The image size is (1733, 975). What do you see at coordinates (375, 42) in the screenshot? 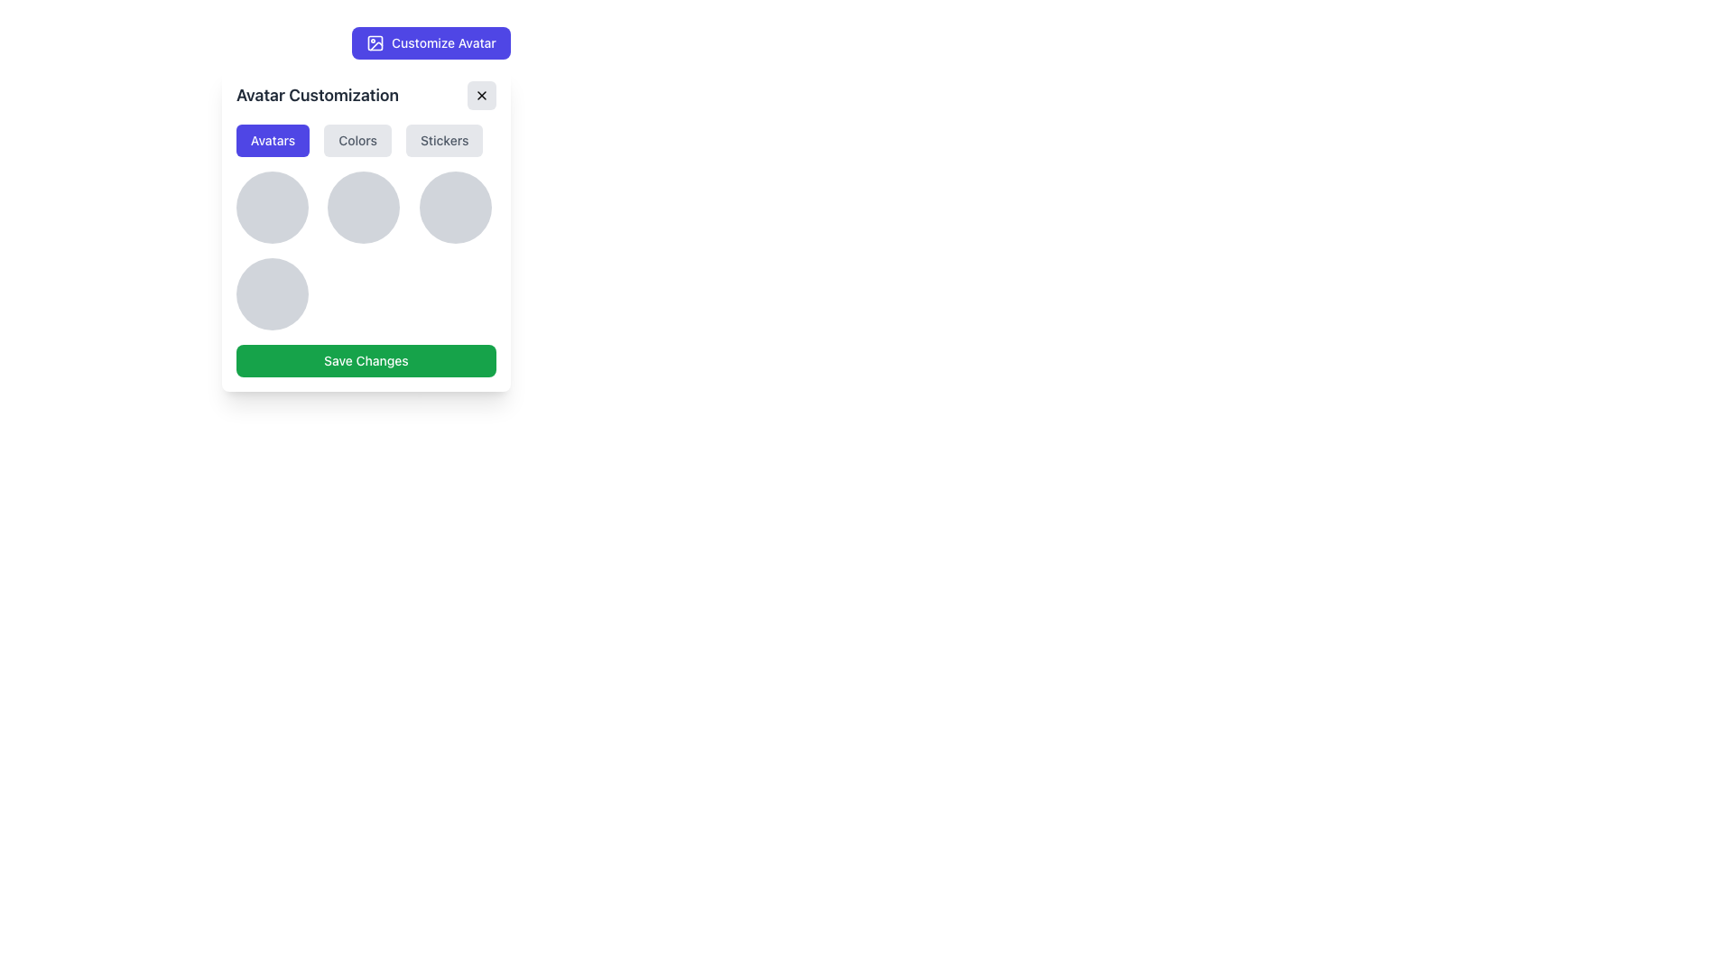
I see `the decorative icon within the 'Customize Avatar' button, which visually indicates the button's function for editing or customizing an avatar` at bounding box center [375, 42].